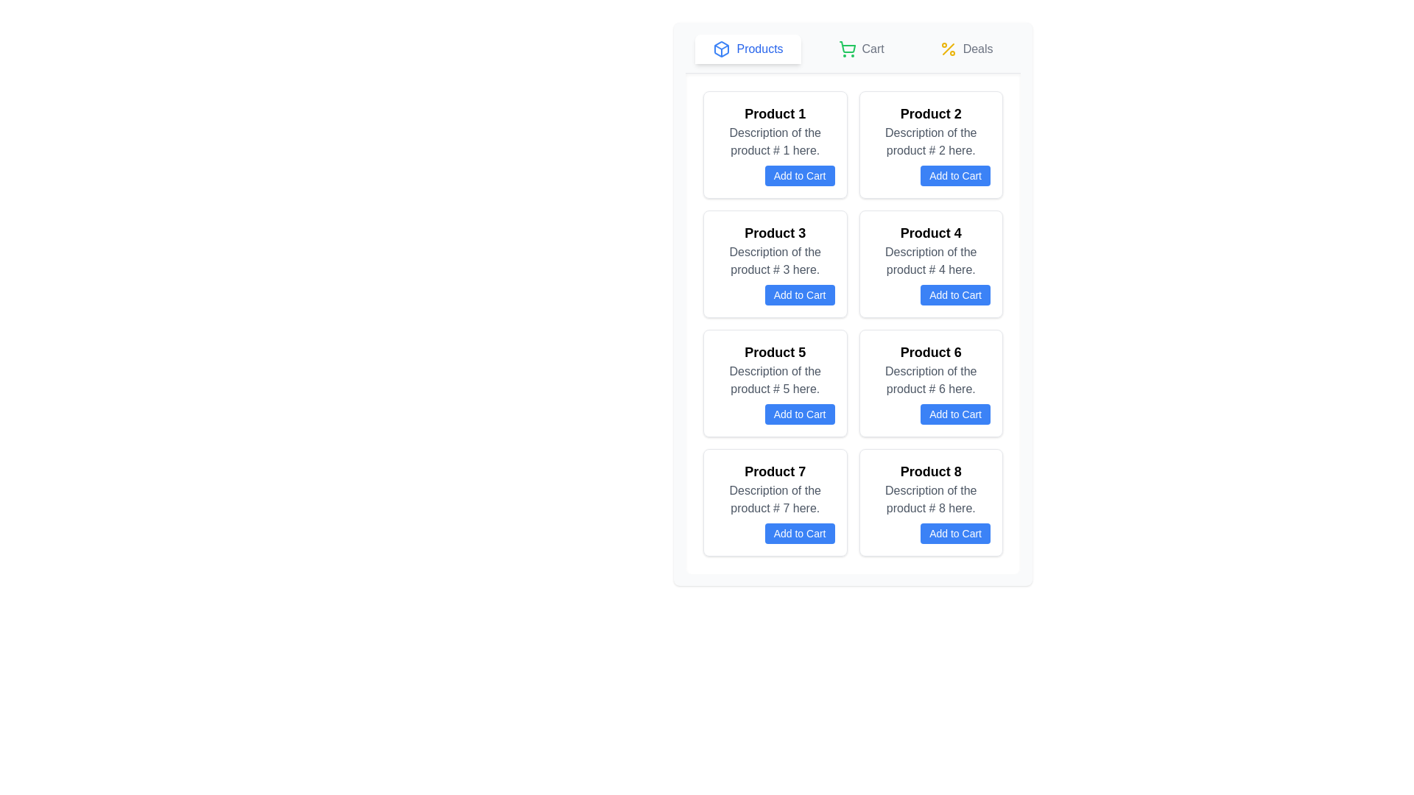  What do you see at coordinates (748, 48) in the screenshot?
I see `the 'Products' navigation tab` at bounding box center [748, 48].